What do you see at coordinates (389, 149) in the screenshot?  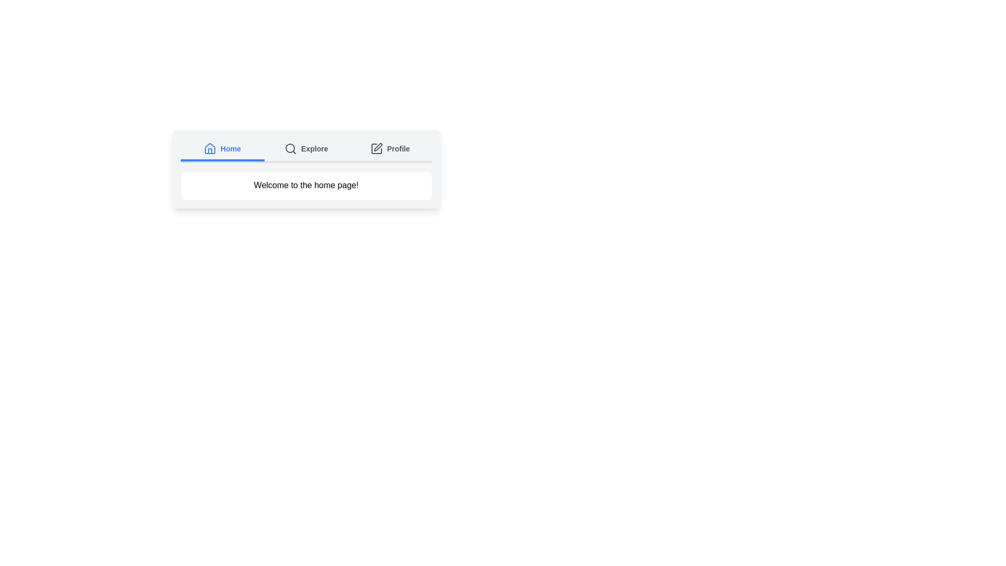 I see `the Profile tab by clicking on its label` at bounding box center [389, 149].